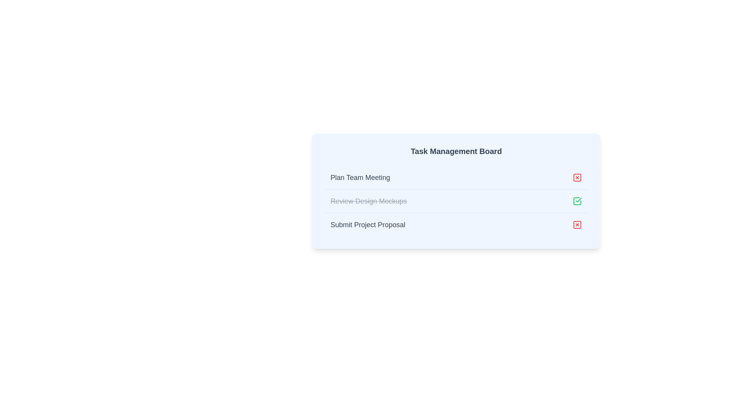 The image size is (744, 418). Describe the element at coordinates (577, 201) in the screenshot. I see `the completion status of the 'Review Design Mockups' task icon located in the rightmost column of the second row under the 'Task Management Board' section` at that location.